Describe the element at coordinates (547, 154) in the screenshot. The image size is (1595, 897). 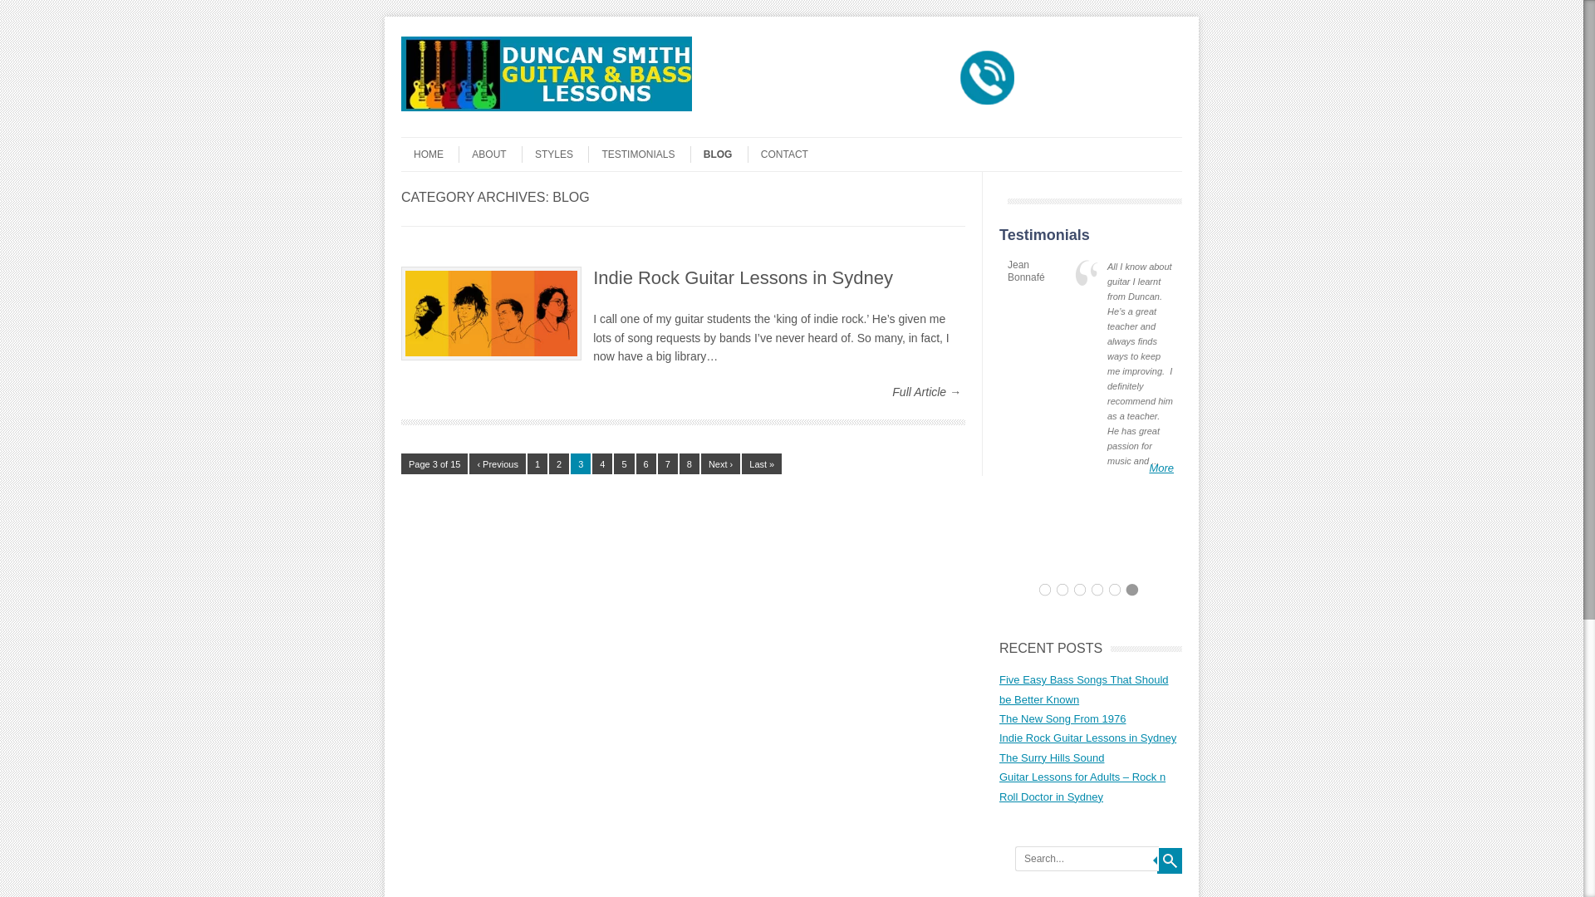
I see `'STYLES'` at that location.